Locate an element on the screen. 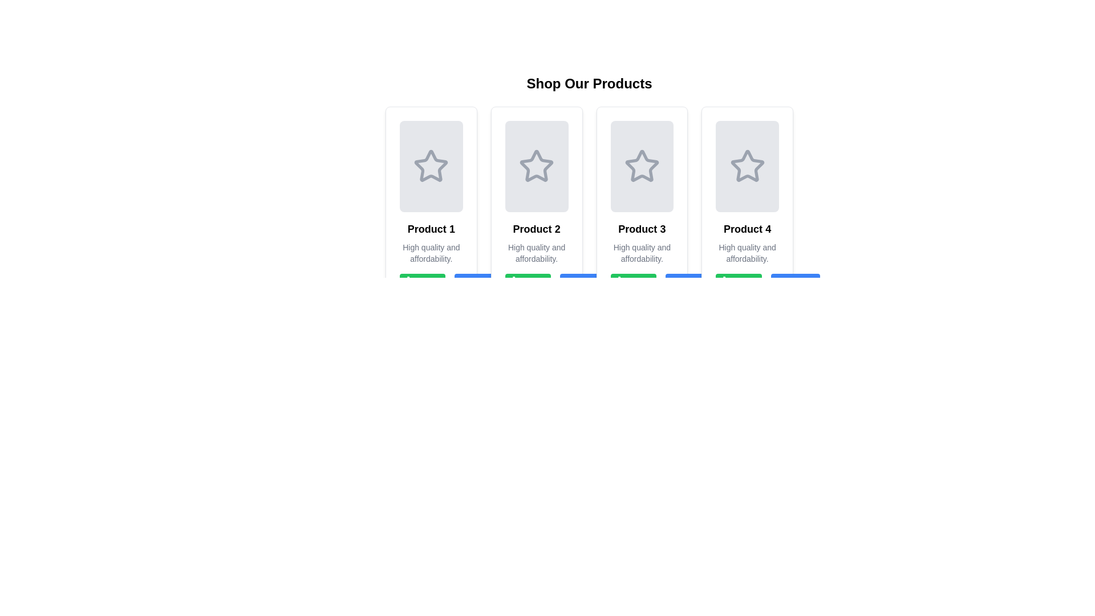 The height and width of the screenshot is (616, 1095). the 'Add' button containing the shopping cart icon is located at coordinates (412, 282).